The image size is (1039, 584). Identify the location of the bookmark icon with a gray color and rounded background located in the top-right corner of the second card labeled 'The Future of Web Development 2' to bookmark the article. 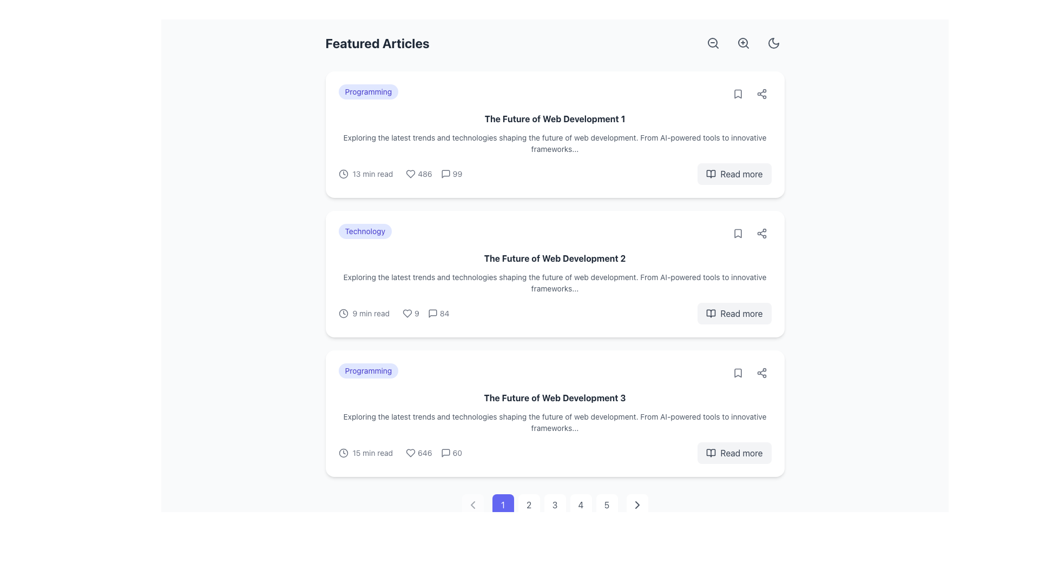
(737, 233).